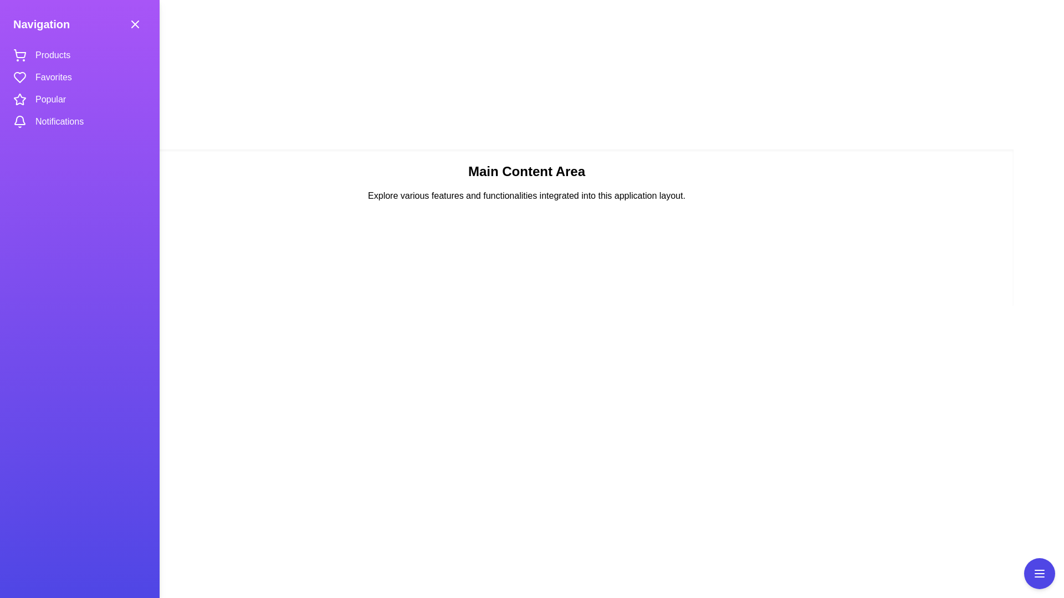  I want to click on the icon representing the Favorites section in the navigation, so click(19, 76).